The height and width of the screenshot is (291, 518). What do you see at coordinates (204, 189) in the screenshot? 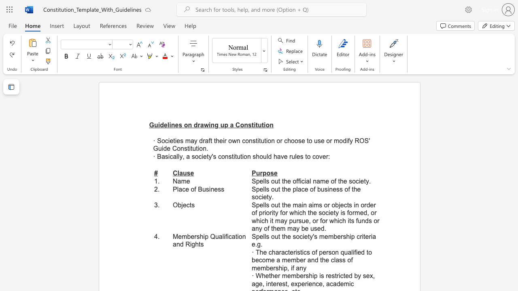
I see `the 1th character "u" in the text` at bounding box center [204, 189].